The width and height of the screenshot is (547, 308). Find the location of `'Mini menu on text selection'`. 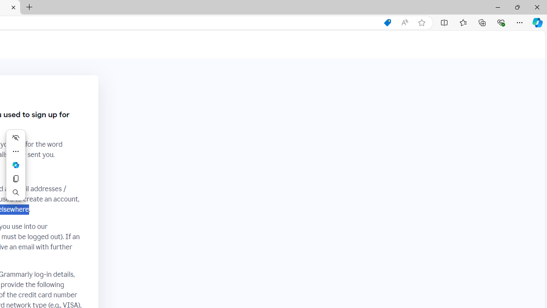

'Mini menu on text selection' is located at coordinates (16, 165).